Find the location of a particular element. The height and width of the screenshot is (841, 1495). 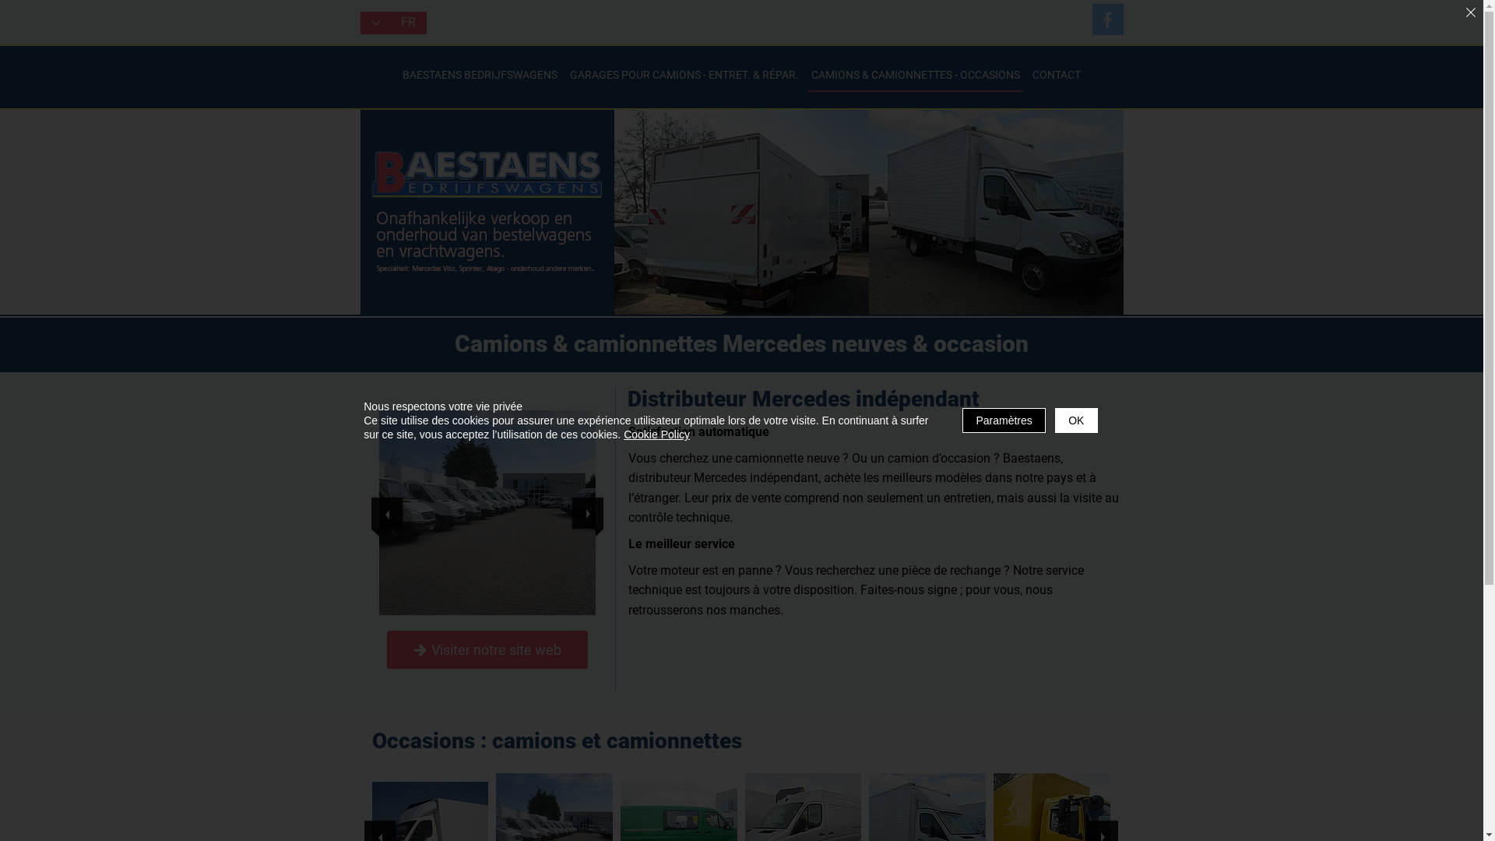

'Cookie Policy' is located at coordinates (656, 435).